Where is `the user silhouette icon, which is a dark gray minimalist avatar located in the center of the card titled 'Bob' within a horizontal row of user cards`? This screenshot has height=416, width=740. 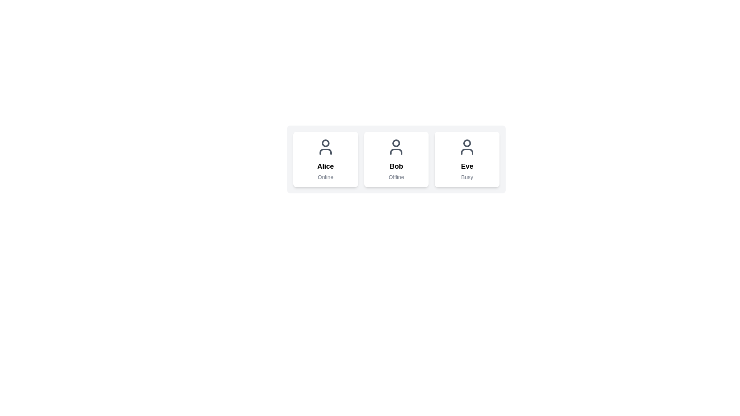 the user silhouette icon, which is a dark gray minimalist avatar located in the center of the card titled 'Bob' within a horizontal row of user cards is located at coordinates (396, 147).